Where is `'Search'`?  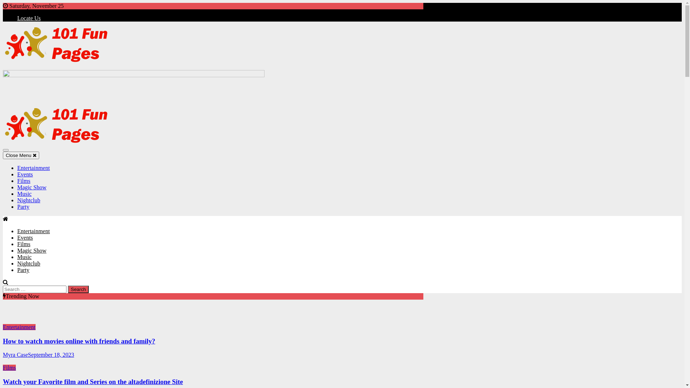
'Search' is located at coordinates (78, 289).